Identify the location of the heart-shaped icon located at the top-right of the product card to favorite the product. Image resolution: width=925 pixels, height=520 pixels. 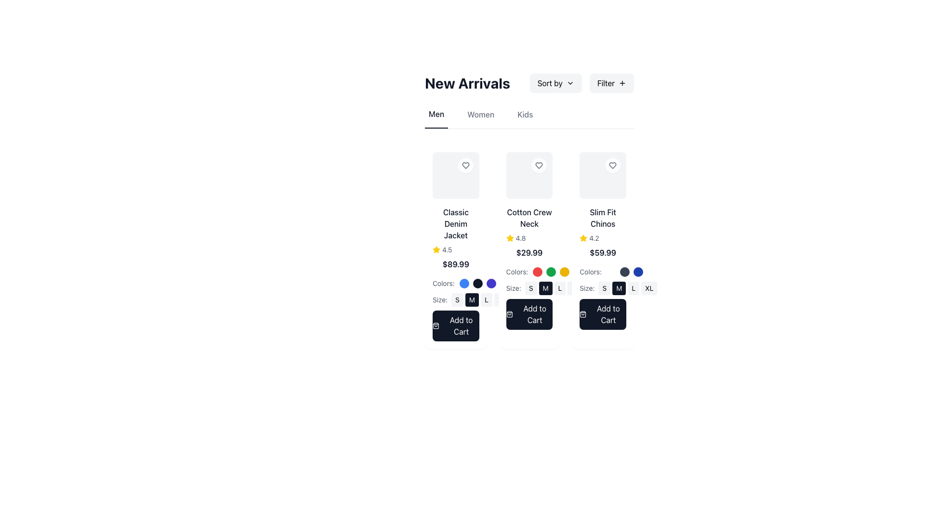
(539, 165).